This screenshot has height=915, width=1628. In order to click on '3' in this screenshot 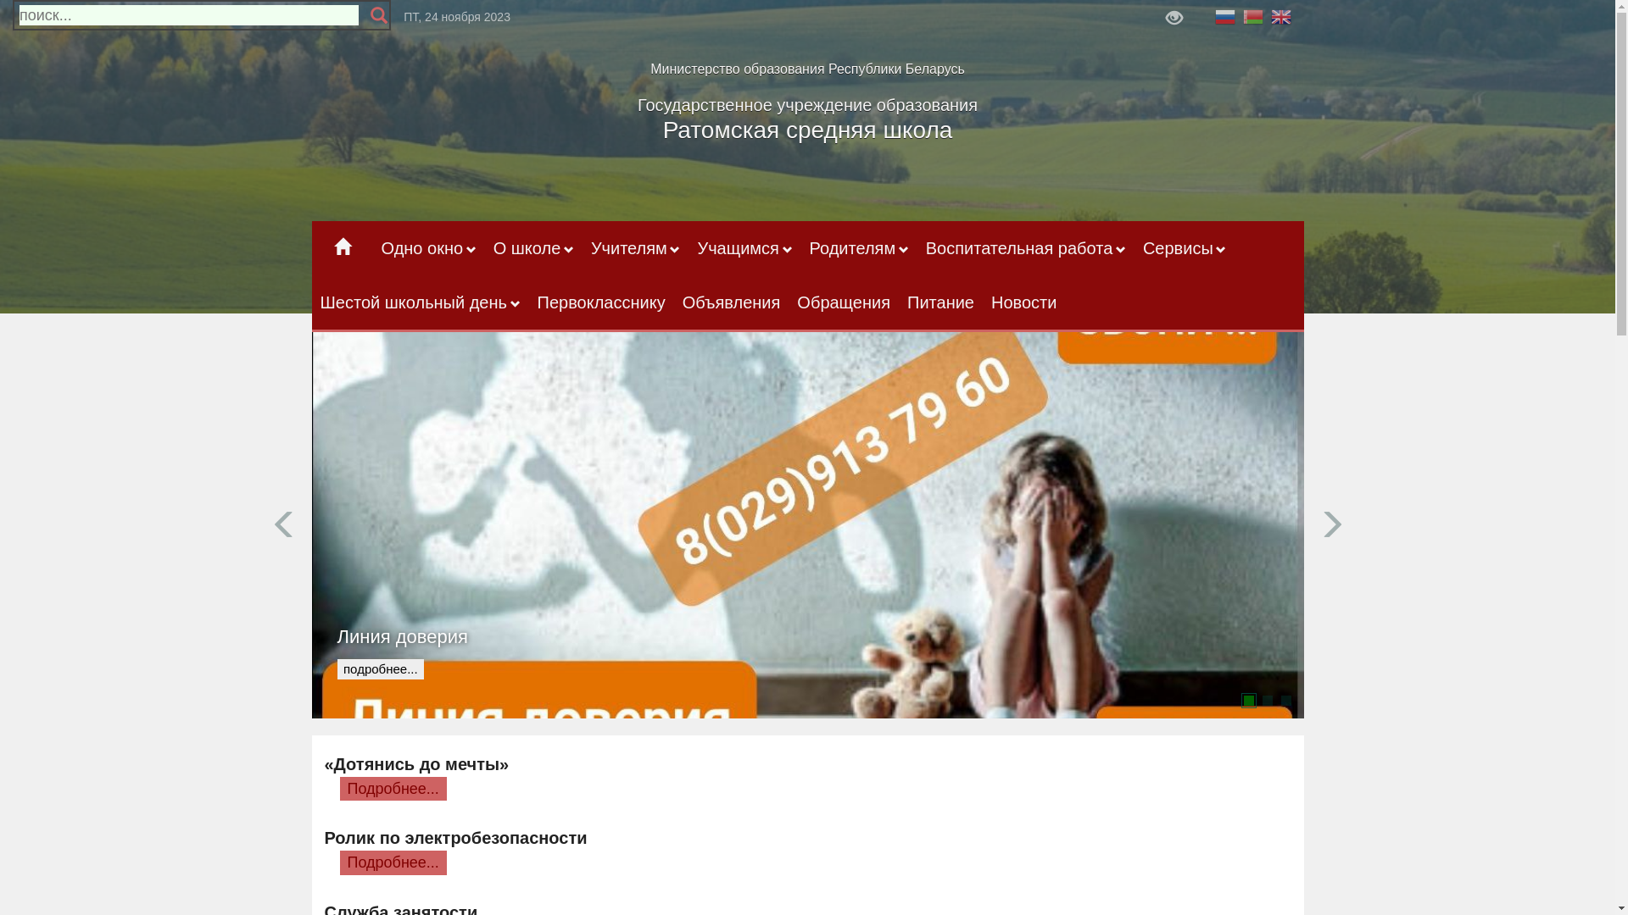, I will do `click(1285, 700)`.